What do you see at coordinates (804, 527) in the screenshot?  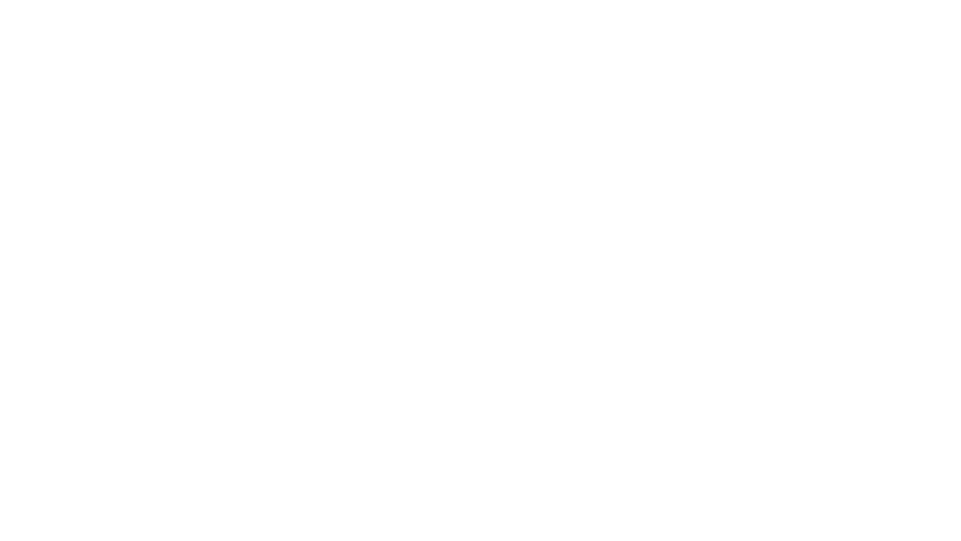 I see `Accept` at bounding box center [804, 527].